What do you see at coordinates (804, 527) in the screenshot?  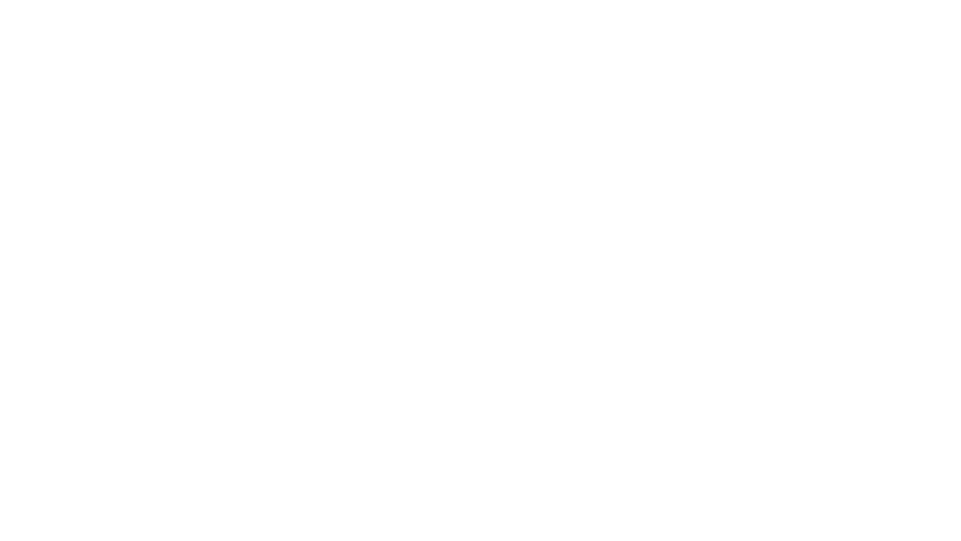 I see `Accept` at bounding box center [804, 527].